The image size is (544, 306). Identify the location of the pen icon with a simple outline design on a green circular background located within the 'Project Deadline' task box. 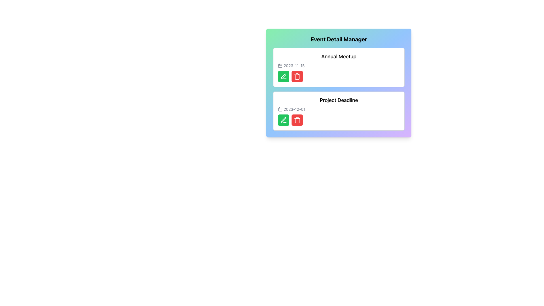
(284, 120).